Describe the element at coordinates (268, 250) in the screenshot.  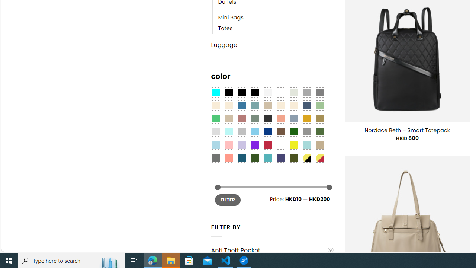
I see `'Anti Theft Pocket'` at that location.